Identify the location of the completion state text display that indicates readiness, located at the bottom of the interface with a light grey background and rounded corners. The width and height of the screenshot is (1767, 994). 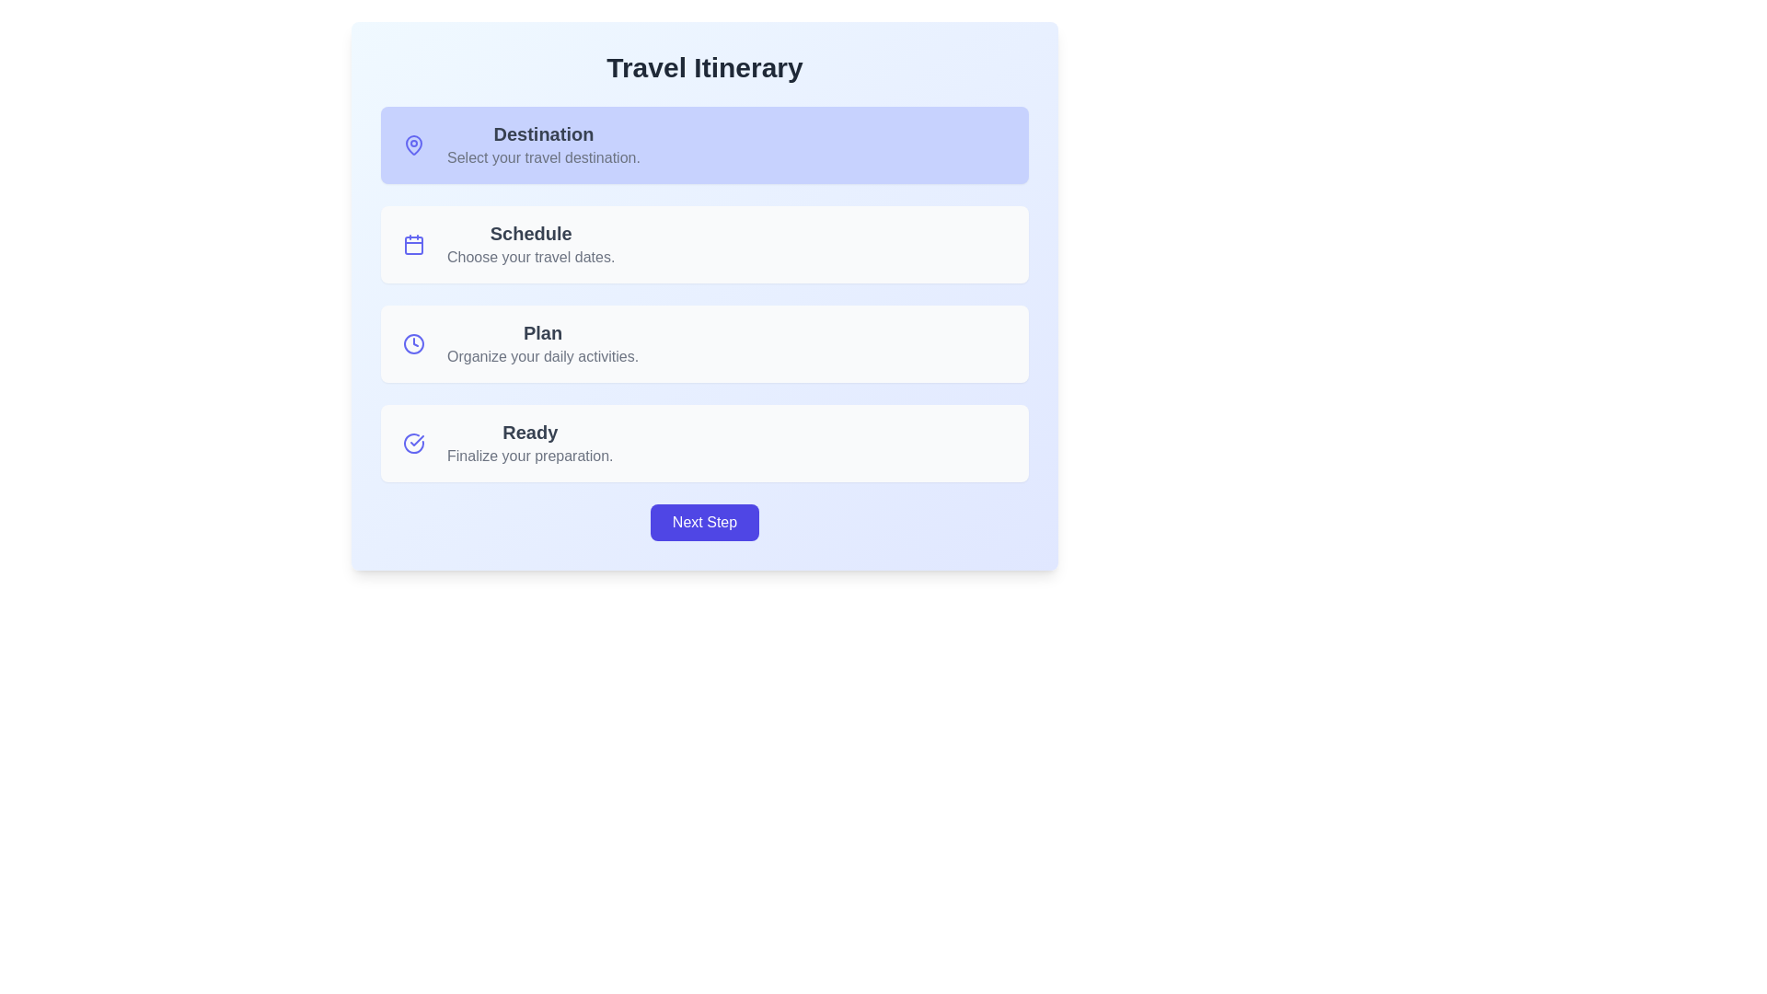
(529, 444).